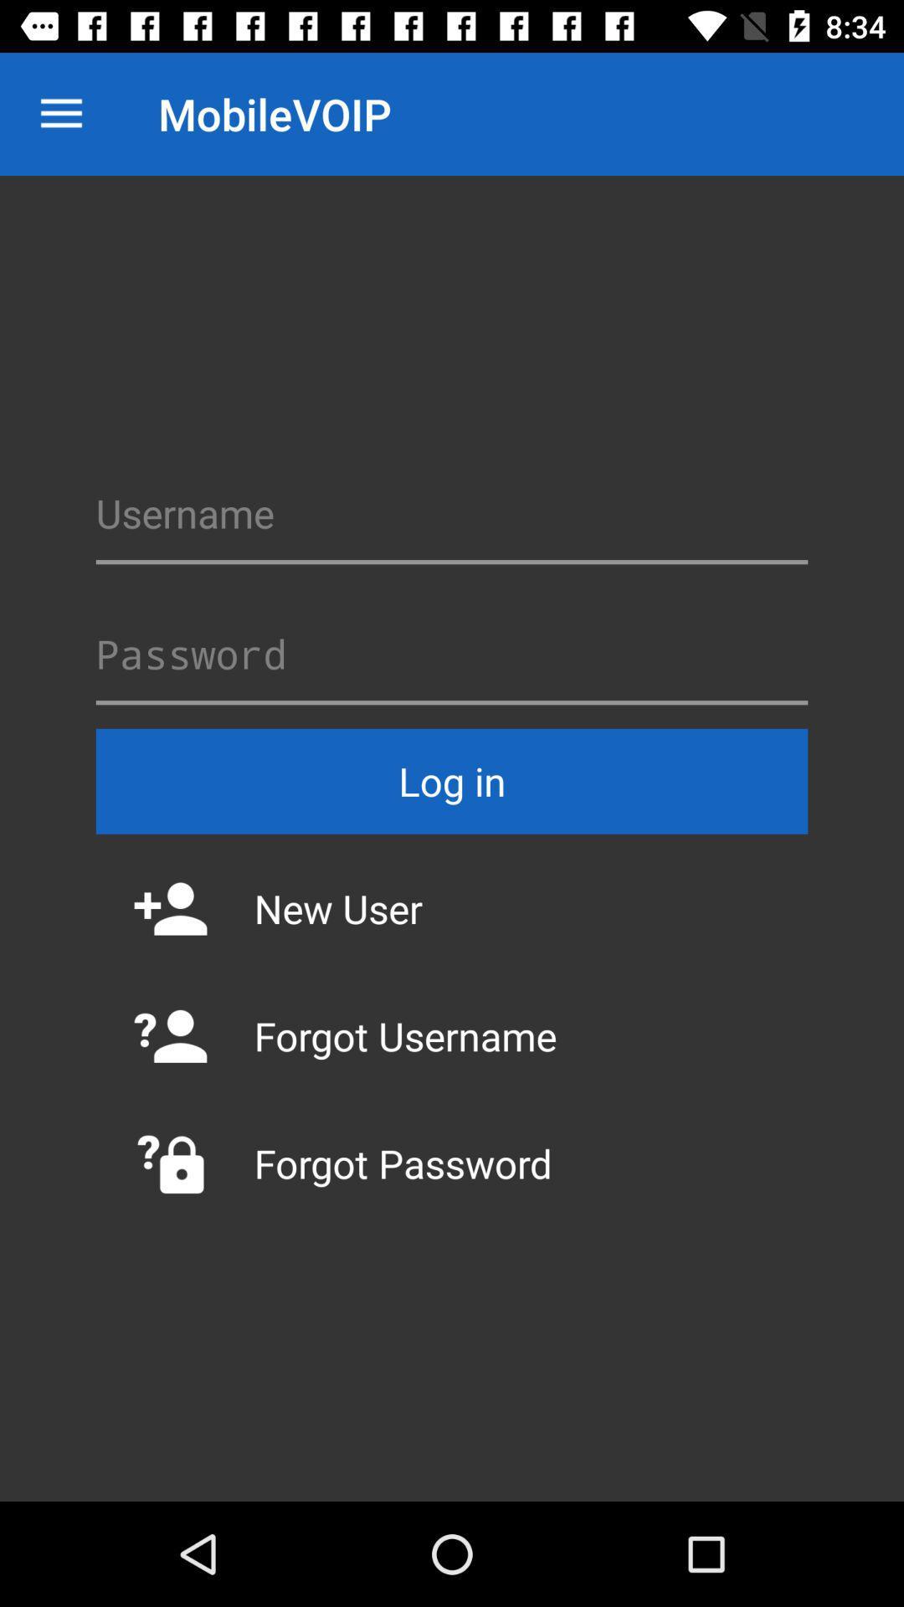 The width and height of the screenshot is (904, 1607). What do you see at coordinates (452, 1035) in the screenshot?
I see `icon below the new user item` at bounding box center [452, 1035].